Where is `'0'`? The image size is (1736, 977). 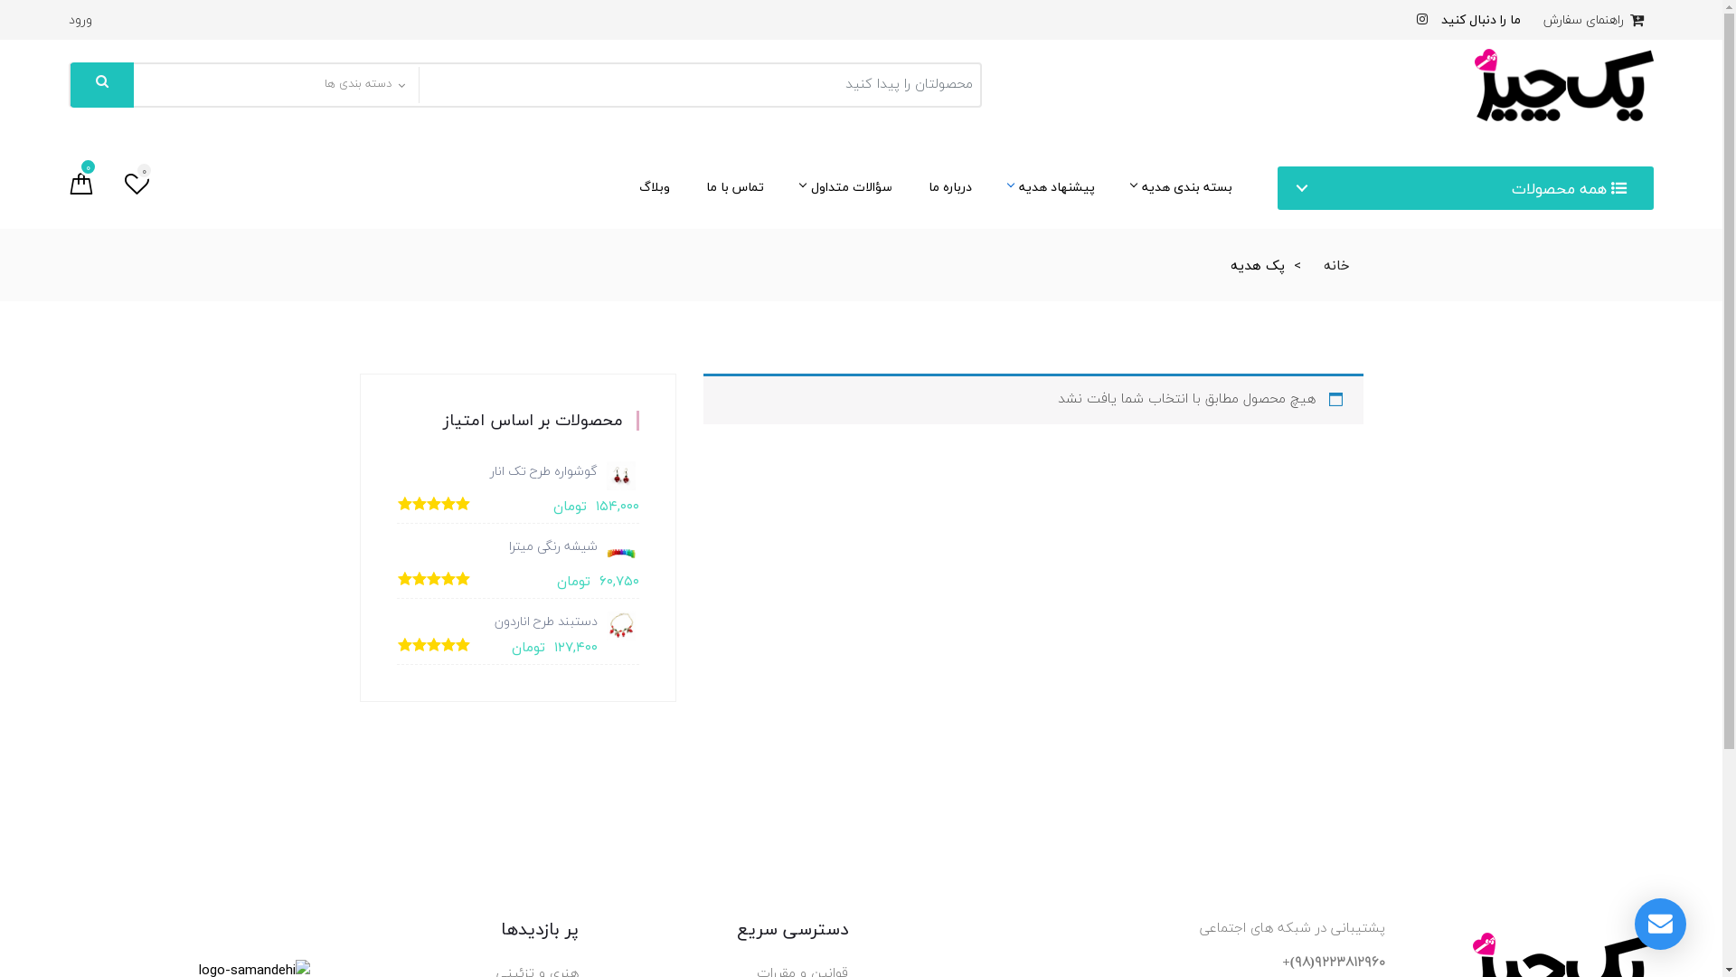
'0' is located at coordinates (80, 186).